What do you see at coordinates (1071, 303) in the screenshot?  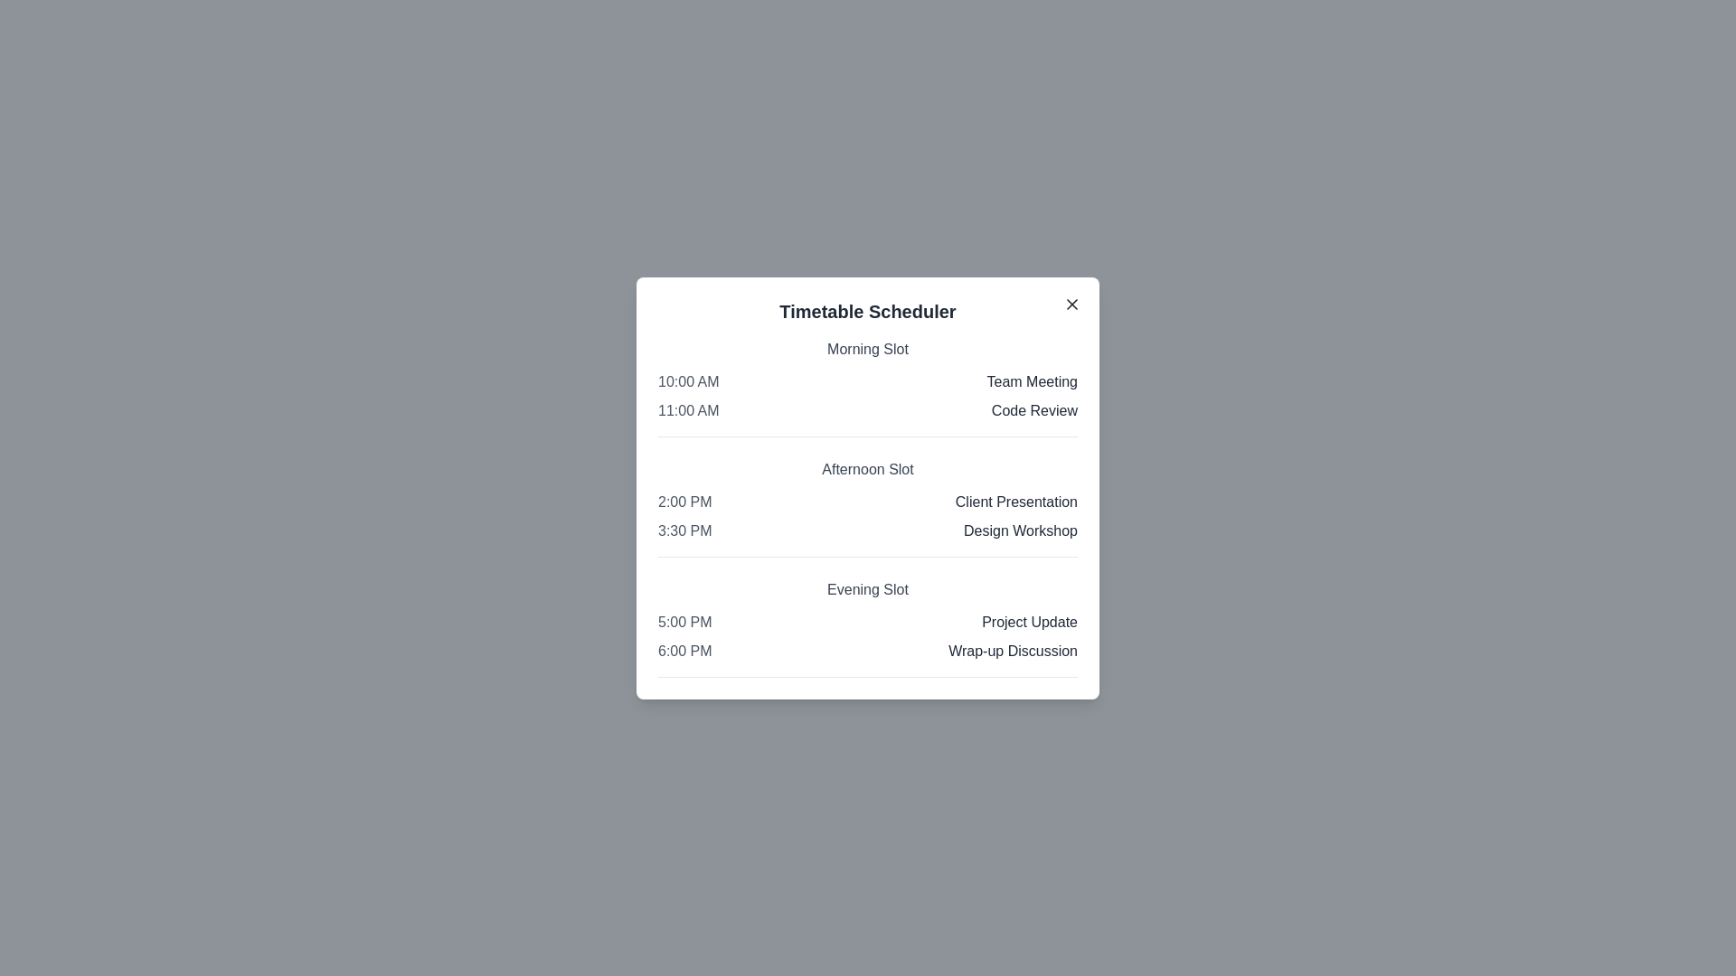 I see `the close button in the top-right corner of the scheduler` at bounding box center [1071, 303].